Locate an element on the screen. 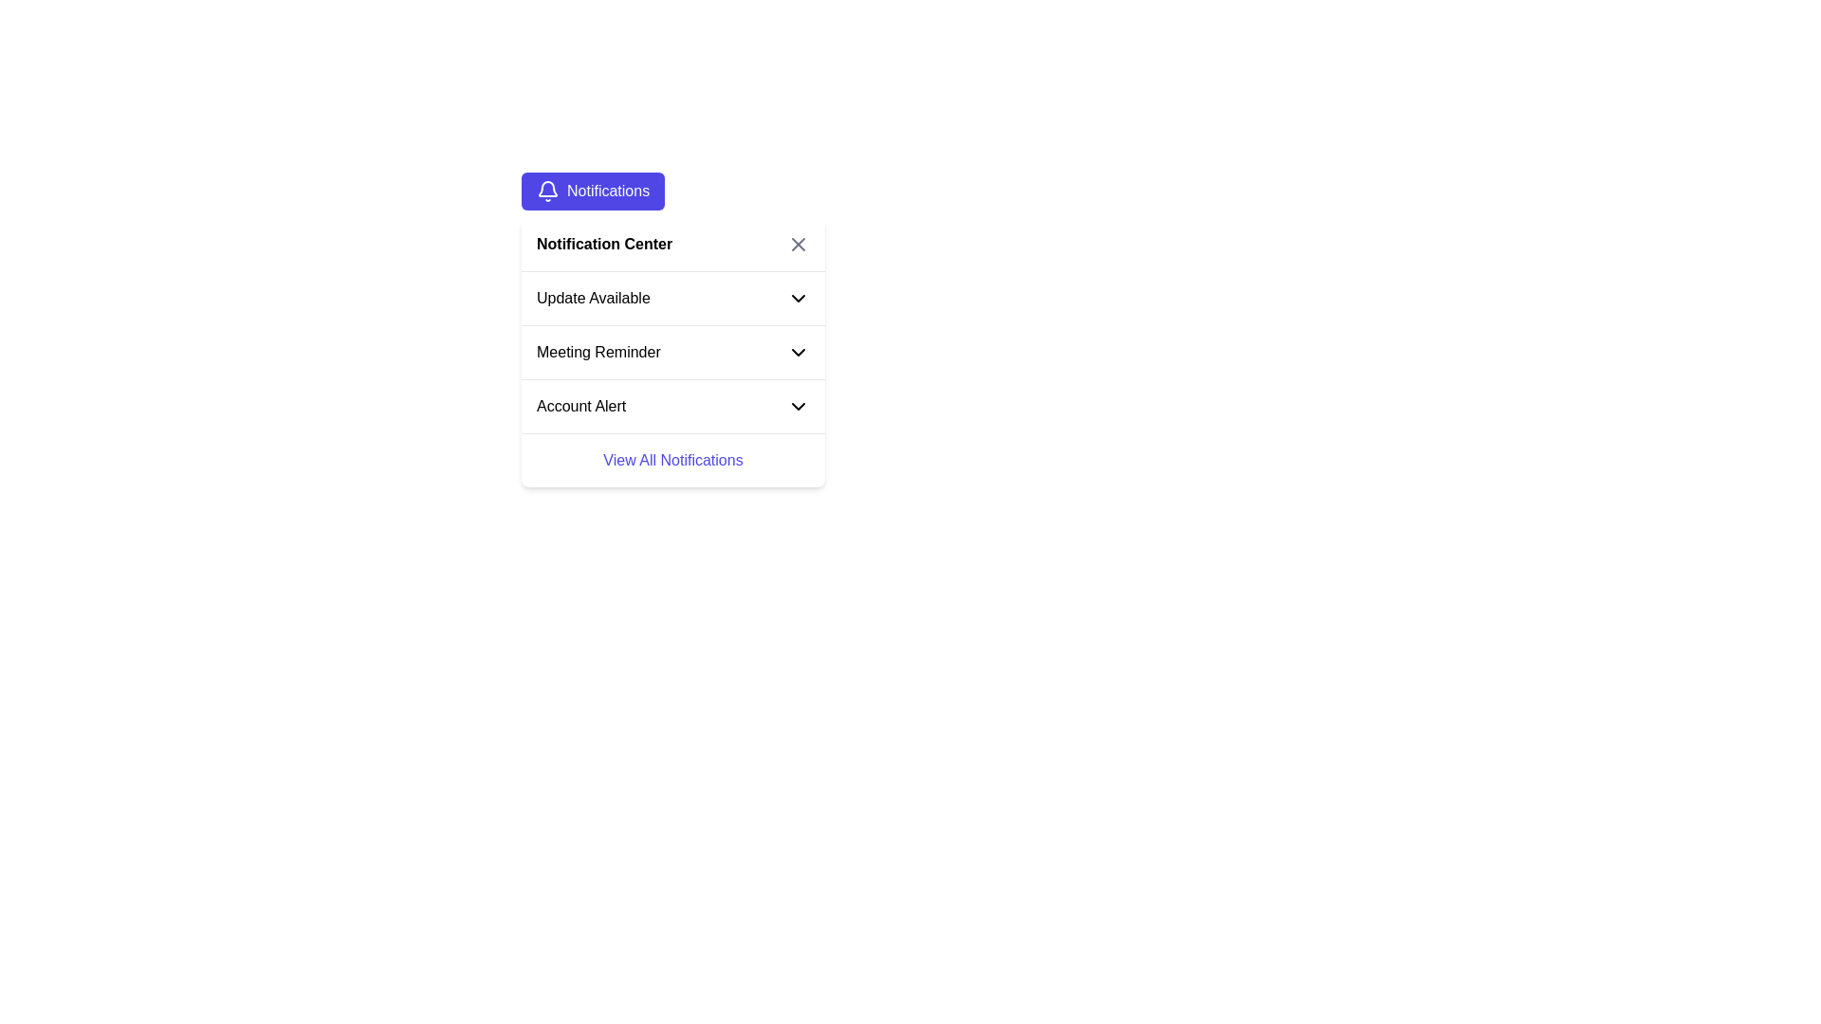 The image size is (1821, 1024). 'Notification Center' text label, which is bold and located in the upper section of the notification dropdown, aligned to the left next to the close button is located at coordinates (603, 244).